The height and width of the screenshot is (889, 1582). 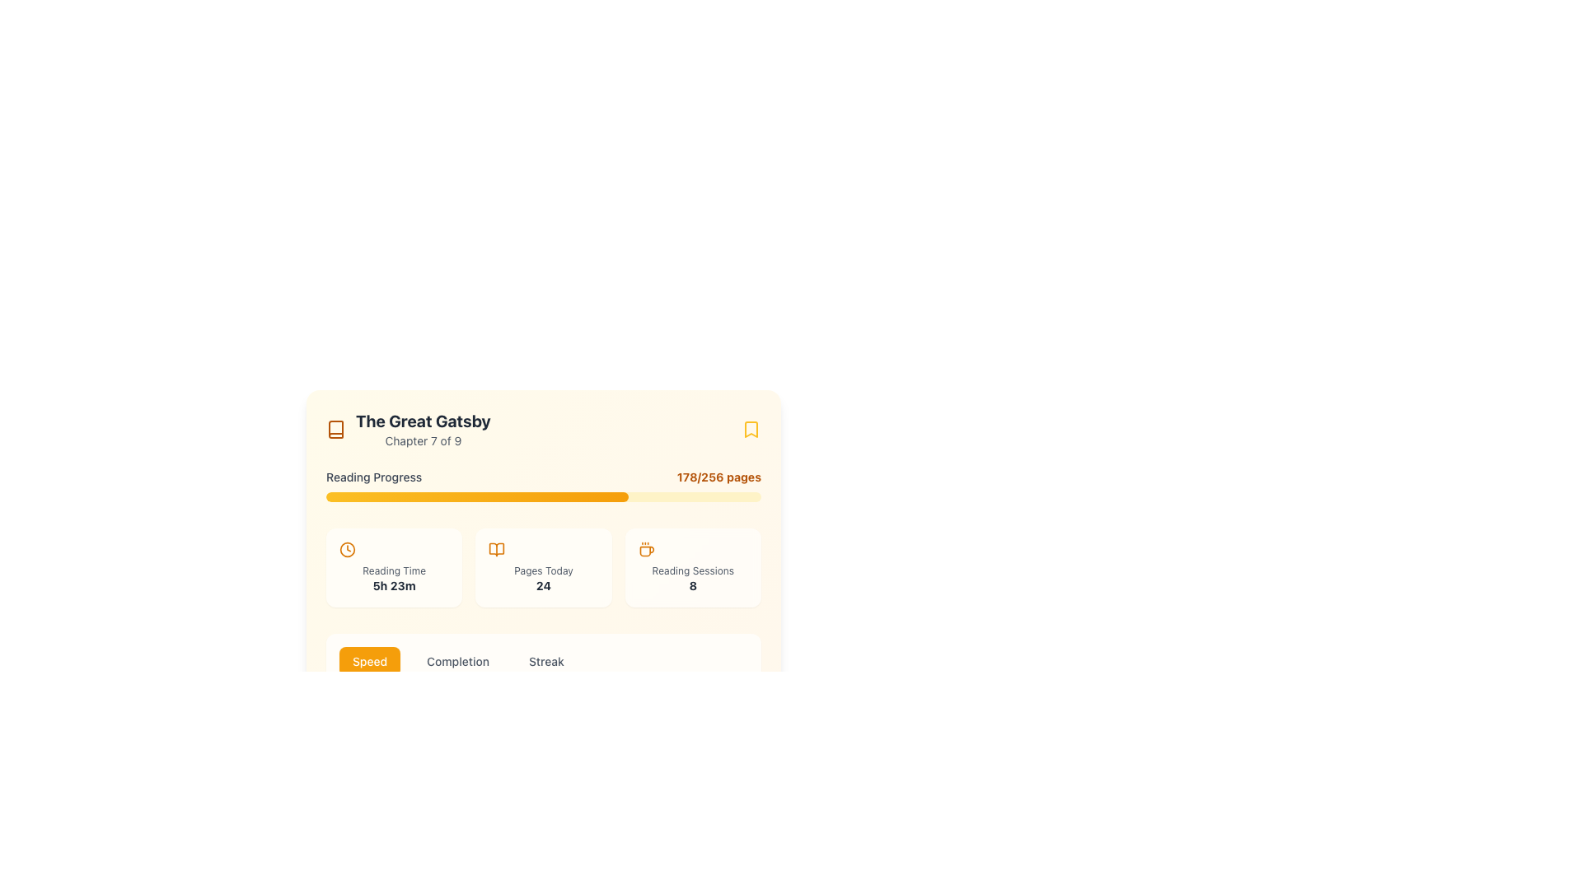 I want to click on the decorative icon located at the top-left corner of the 'Reading Sessions' card, above the text 'Reading Sessions 8', so click(x=645, y=549).